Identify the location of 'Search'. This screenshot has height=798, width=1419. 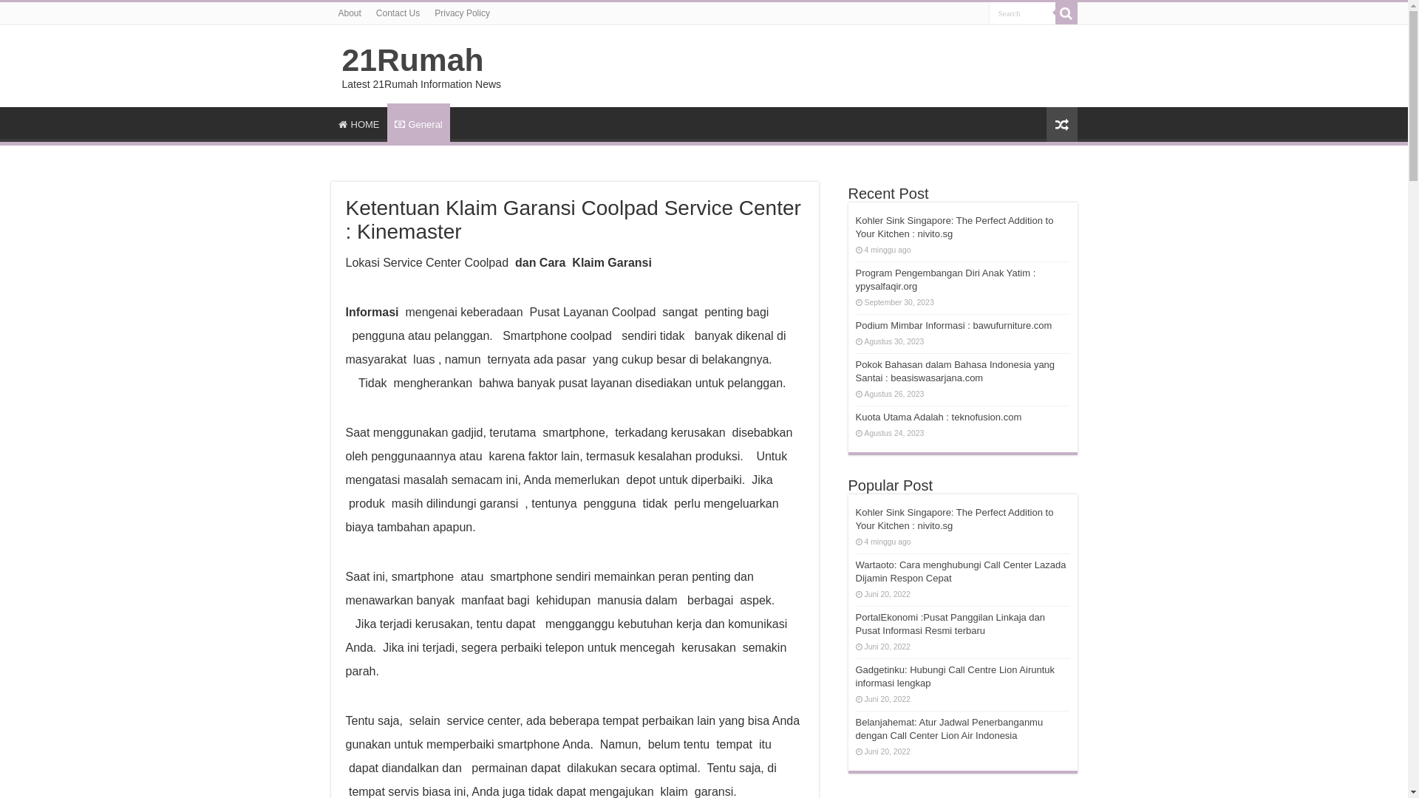
(1021, 13).